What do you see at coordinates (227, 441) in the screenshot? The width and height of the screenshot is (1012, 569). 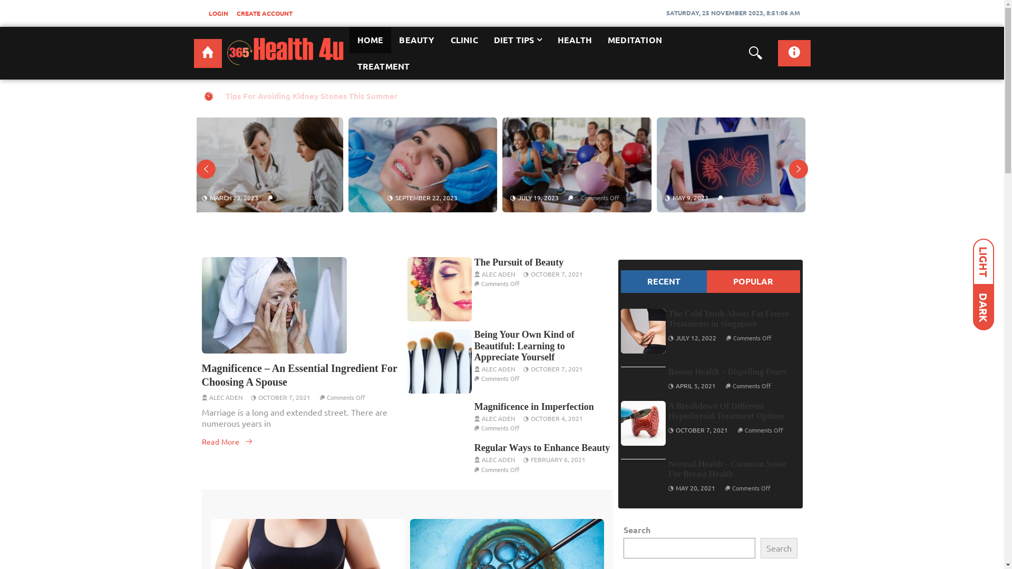 I see `'Read More'` at bounding box center [227, 441].